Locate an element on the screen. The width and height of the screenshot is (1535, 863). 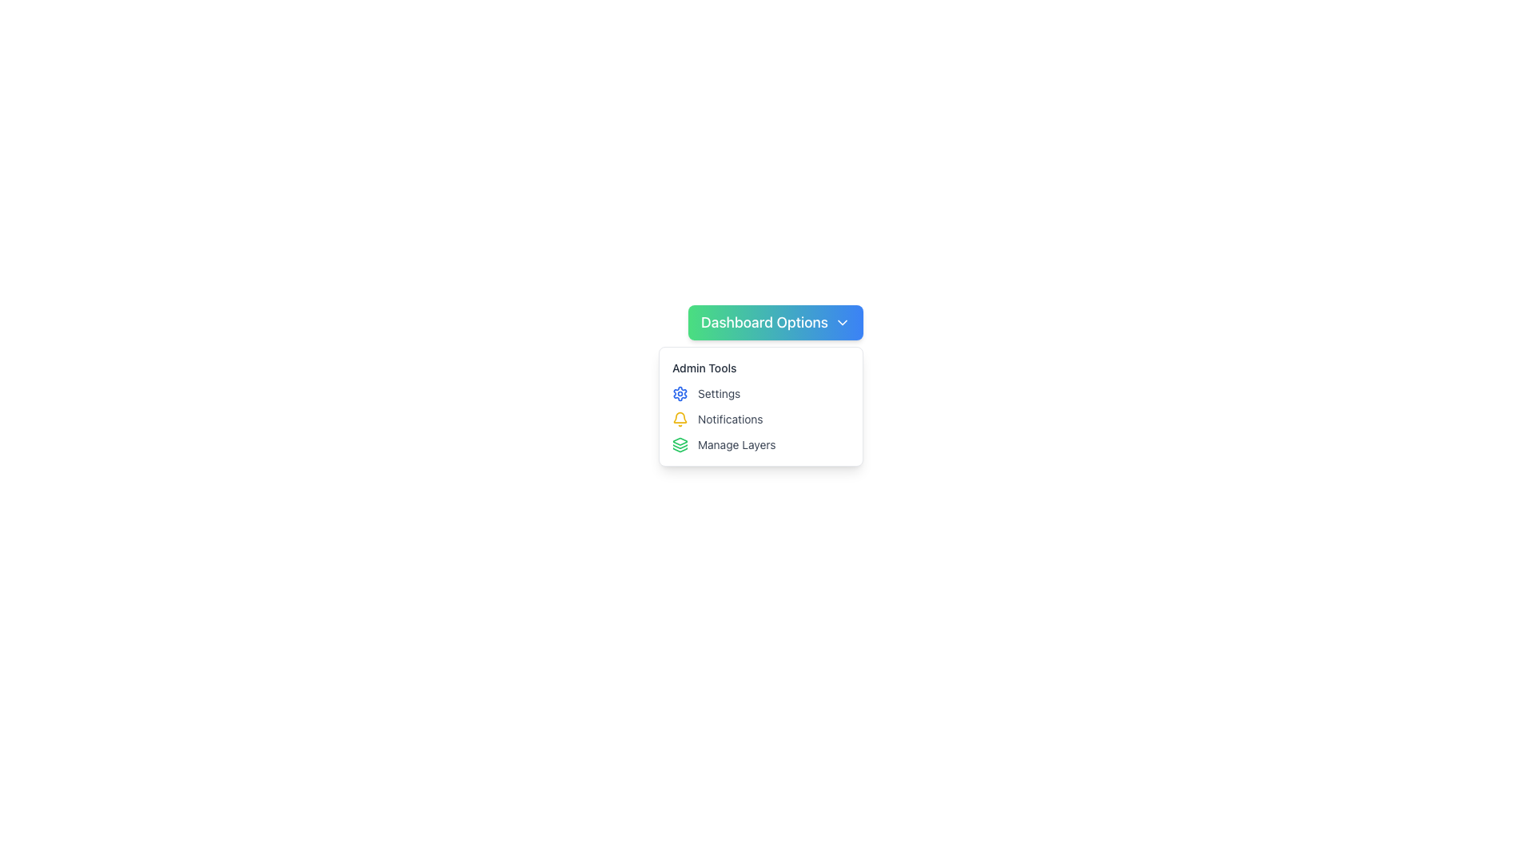
the 'Manage Layers' text label located at the bottom of the dropdown menu is located at coordinates (736, 444).